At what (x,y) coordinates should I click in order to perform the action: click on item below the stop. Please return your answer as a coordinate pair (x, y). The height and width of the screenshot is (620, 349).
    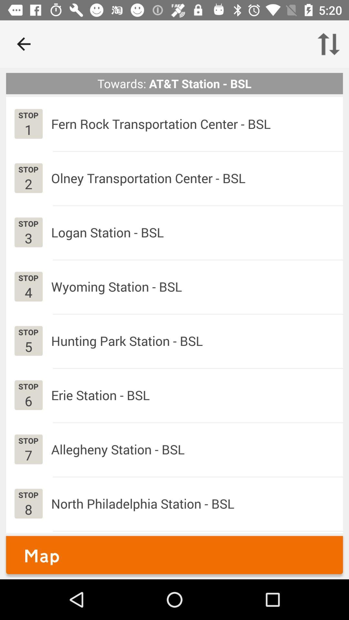
    Looking at the image, I should click on (28, 400).